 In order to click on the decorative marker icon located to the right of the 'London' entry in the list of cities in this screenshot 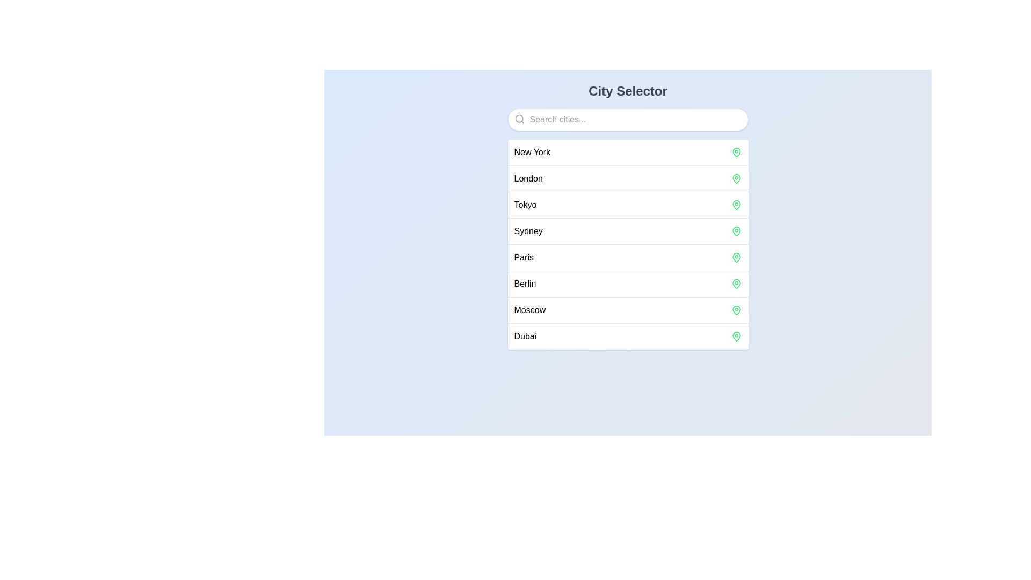, I will do `click(736, 178)`.